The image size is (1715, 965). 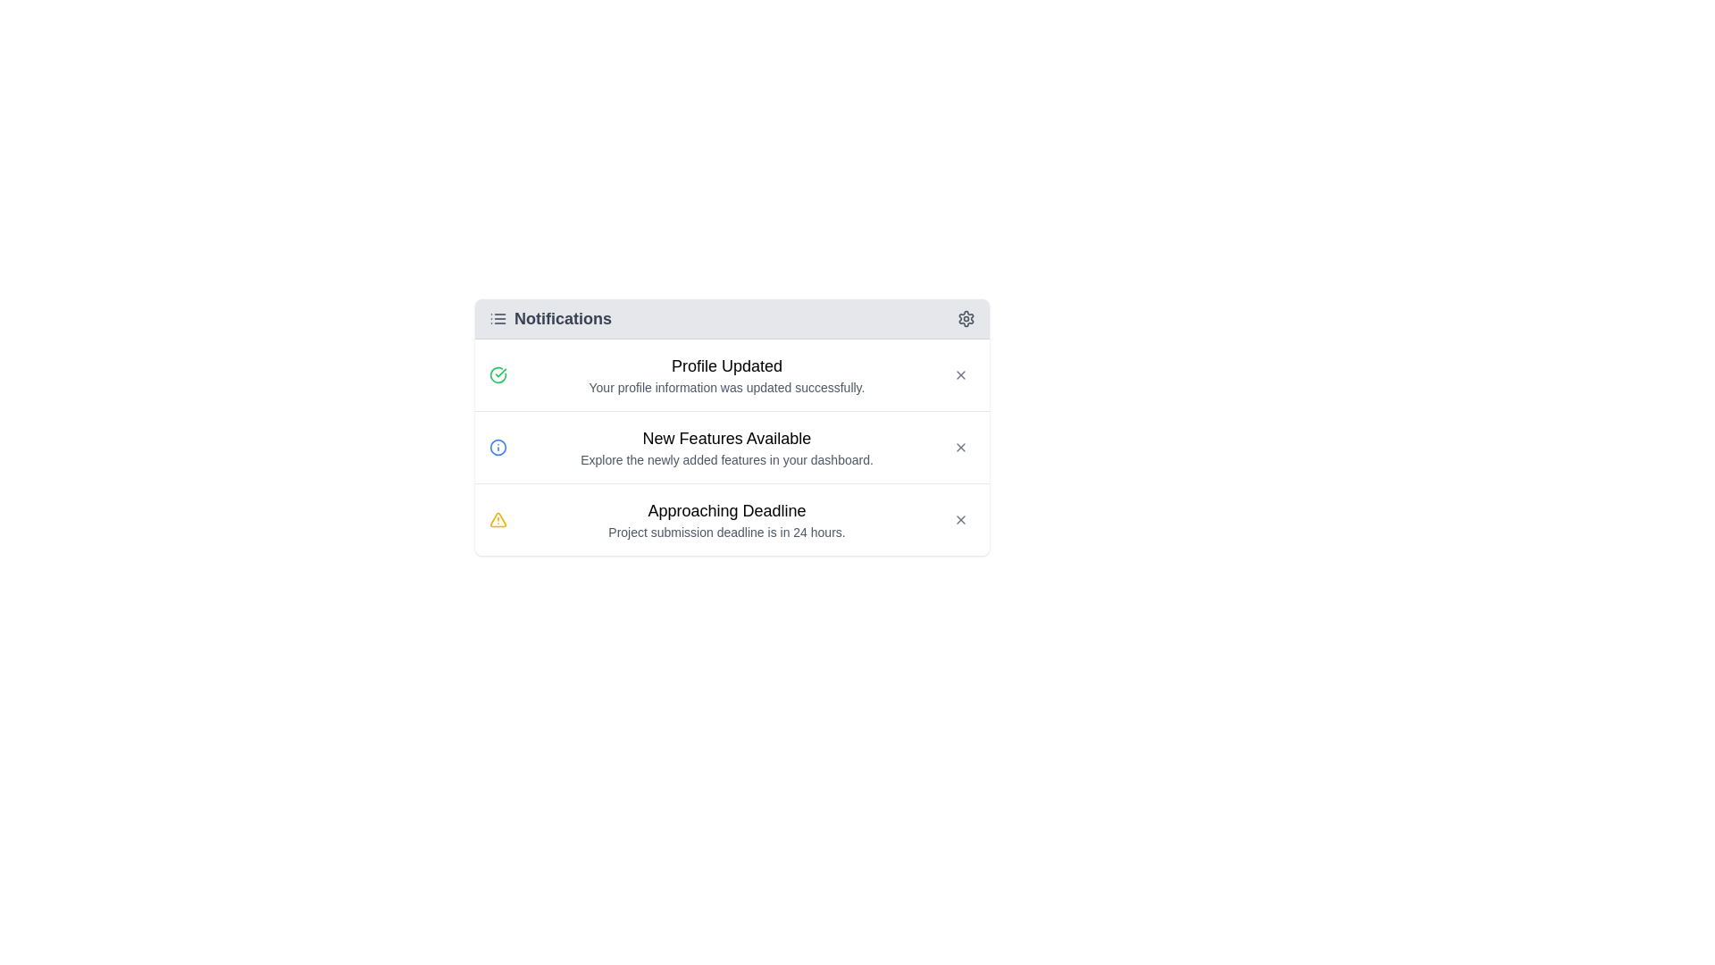 What do you see at coordinates (959, 374) in the screenshot?
I see `the circular close button with an 'X' icon located in the upper right corner of the notification block adjacent to the text 'Profile Updated' for visual feedback` at bounding box center [959, 374].